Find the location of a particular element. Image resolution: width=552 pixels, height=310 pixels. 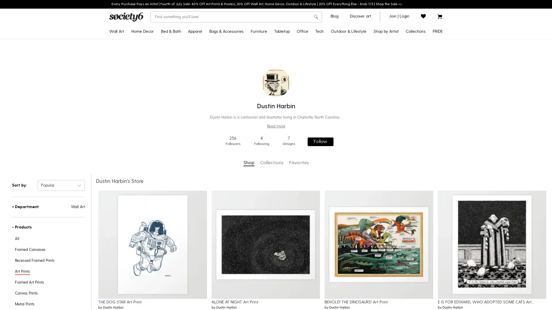

Tapestries is located at coordinates (135, 92).